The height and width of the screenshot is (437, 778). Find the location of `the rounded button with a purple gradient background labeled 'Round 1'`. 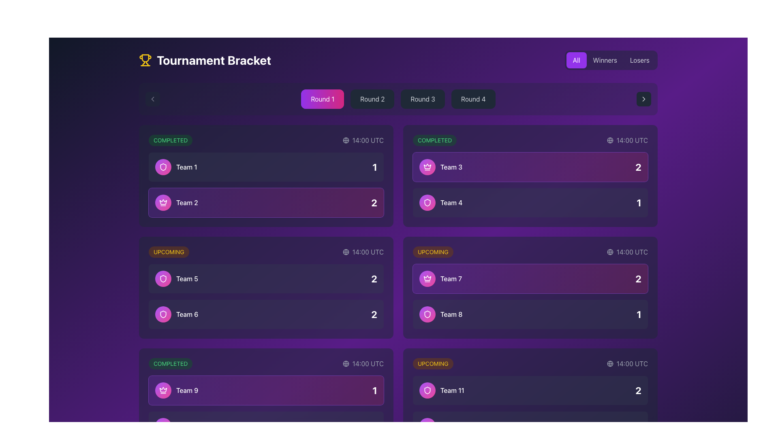

the rounded button with a purple gradient background labeled 'Round 1' is located at coordinates (322, 99).